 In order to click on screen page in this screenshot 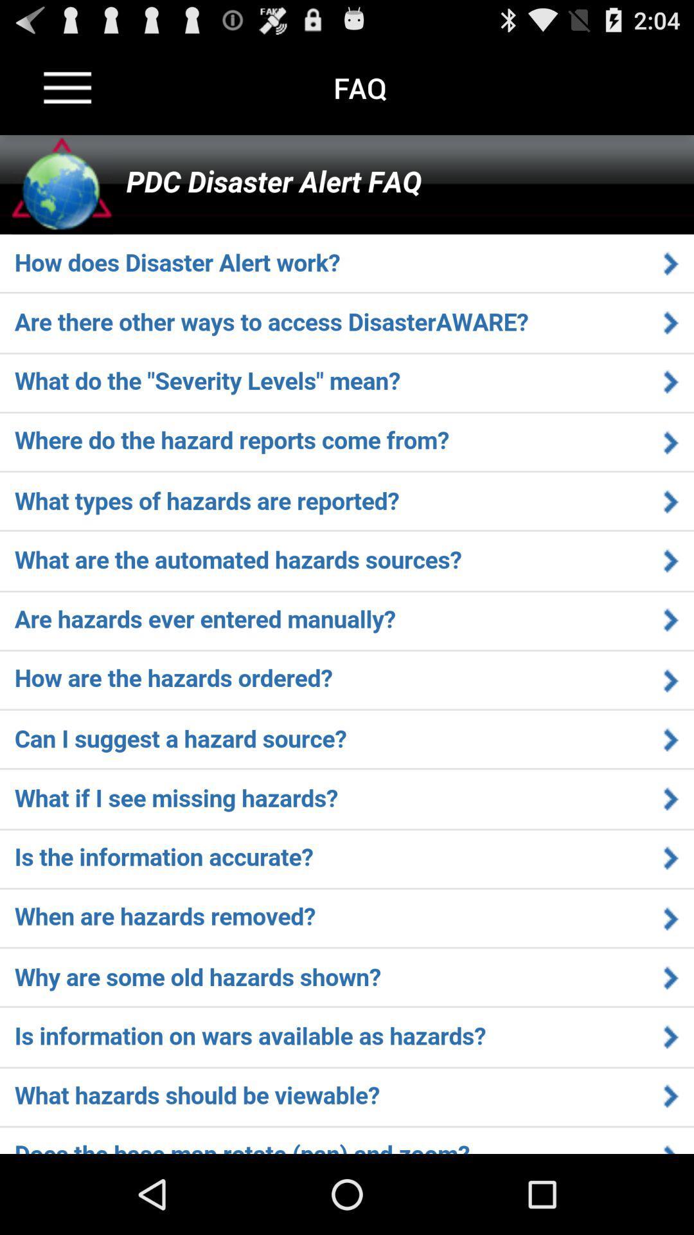, I will do `click(347, 645)`.